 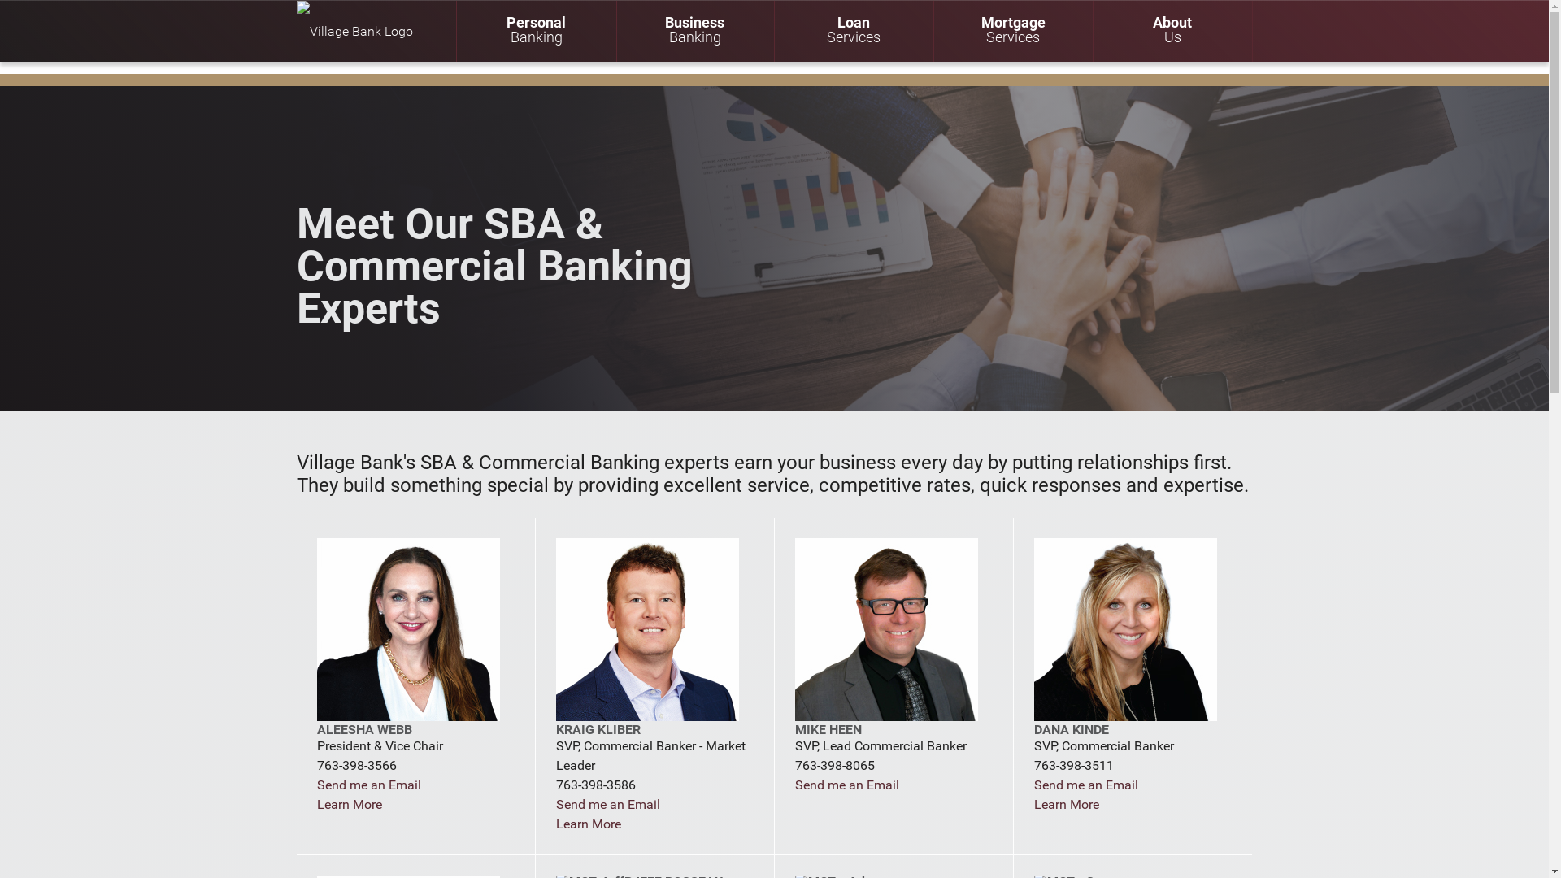 What do you see at coordinates (316, 803) in the screenshot?
I see `'Learn More'` at bounding box center [316, 803].